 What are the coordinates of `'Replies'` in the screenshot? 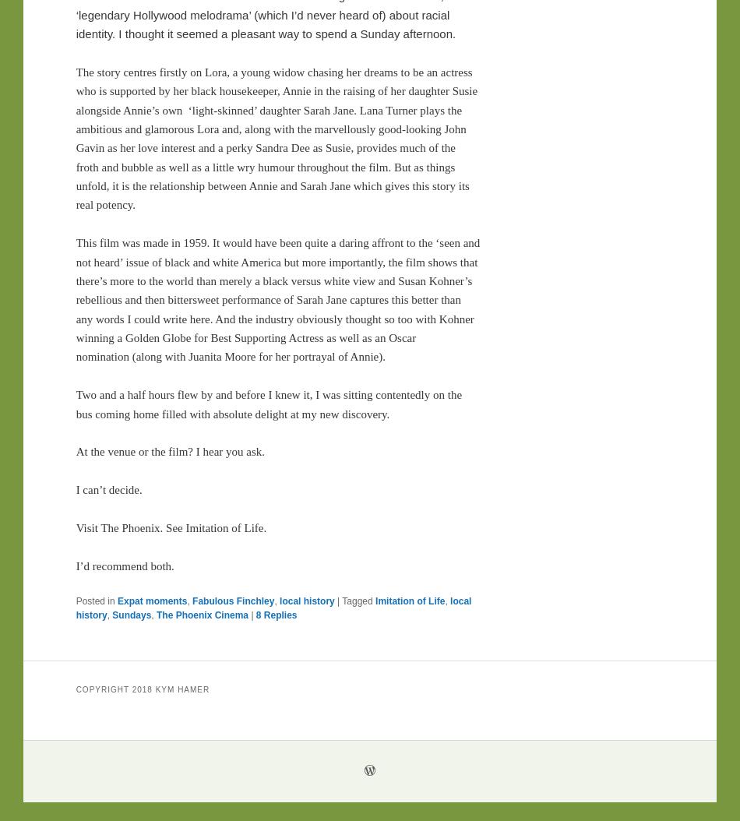 It's located at (277, 615).